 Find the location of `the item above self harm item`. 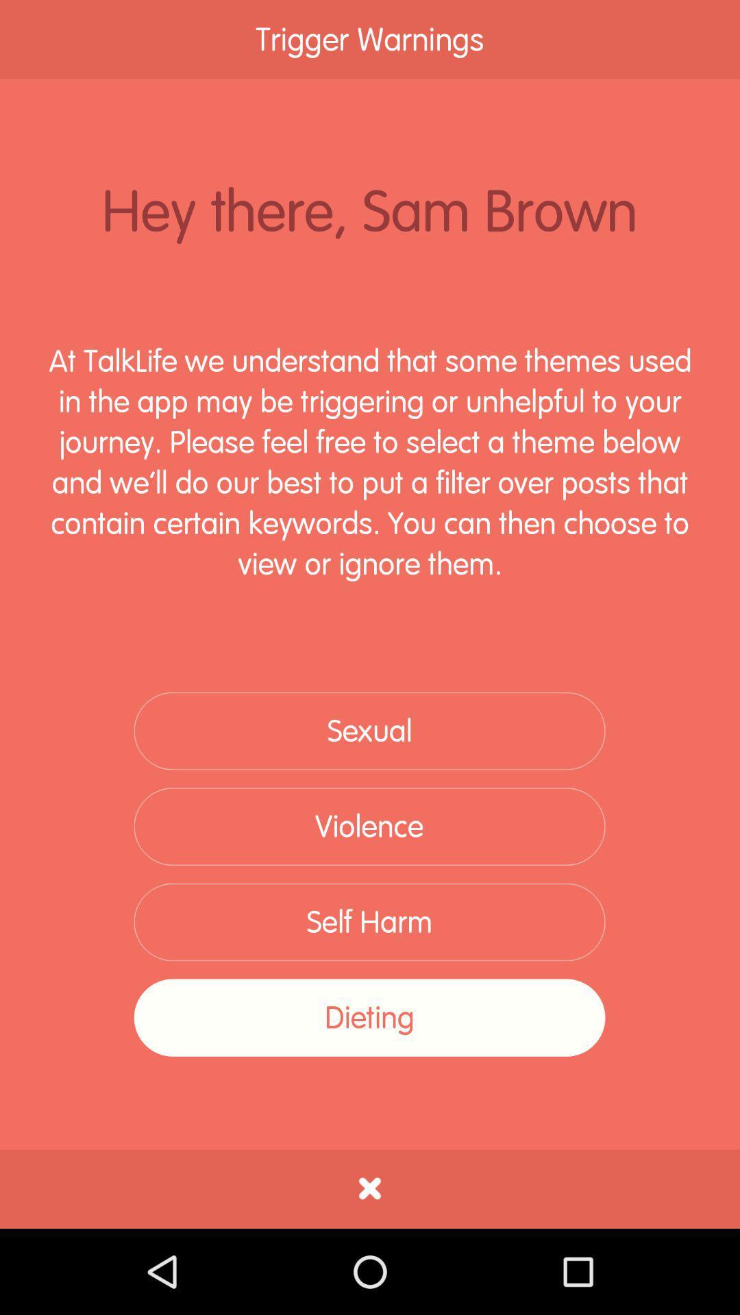

the item above self harm item is located at coordinates (369, 826).